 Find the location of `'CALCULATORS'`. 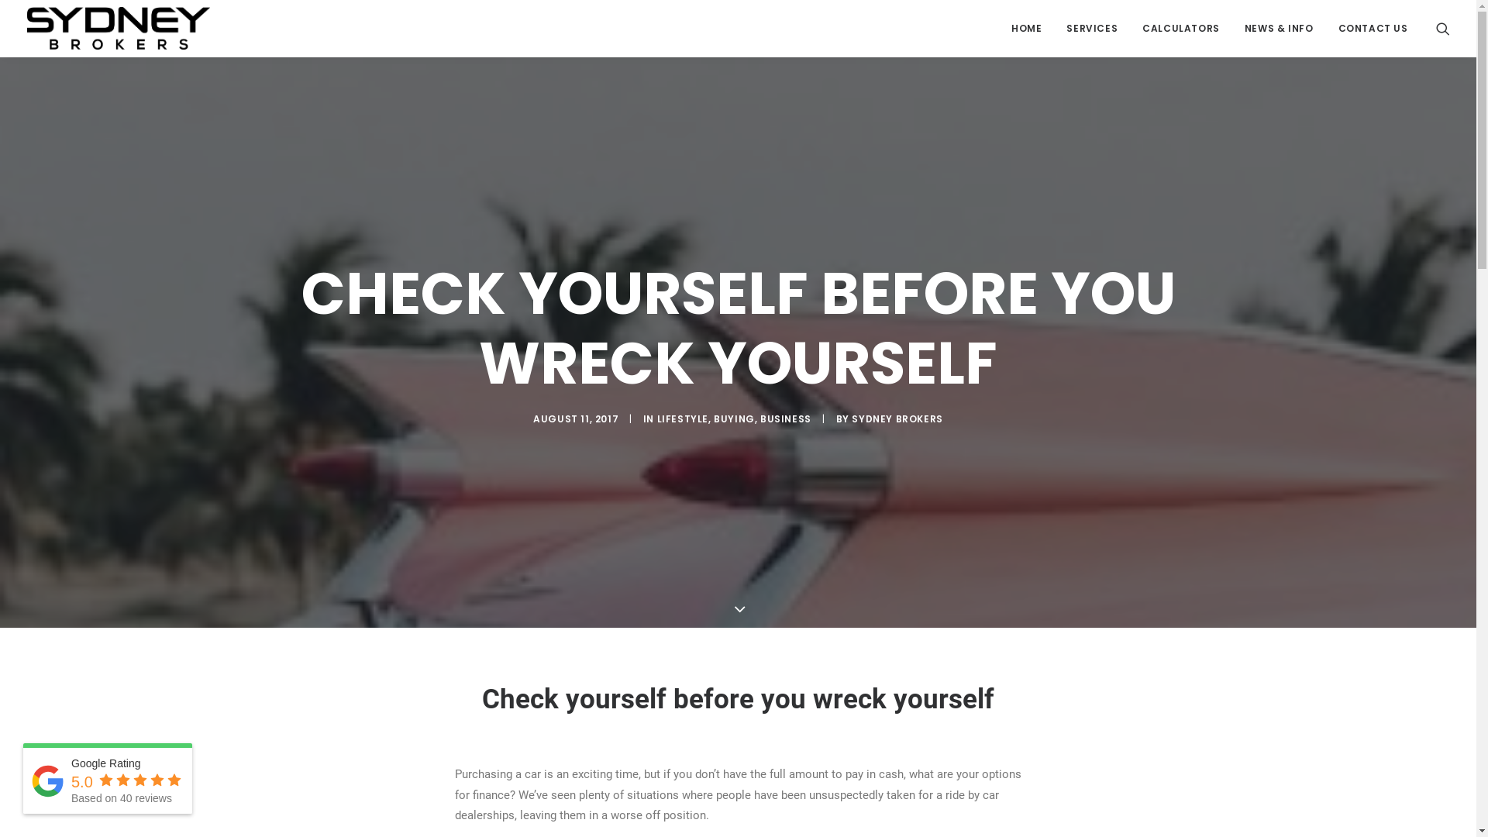

'CALCULATORS' is located at coordinates (1131, 28).